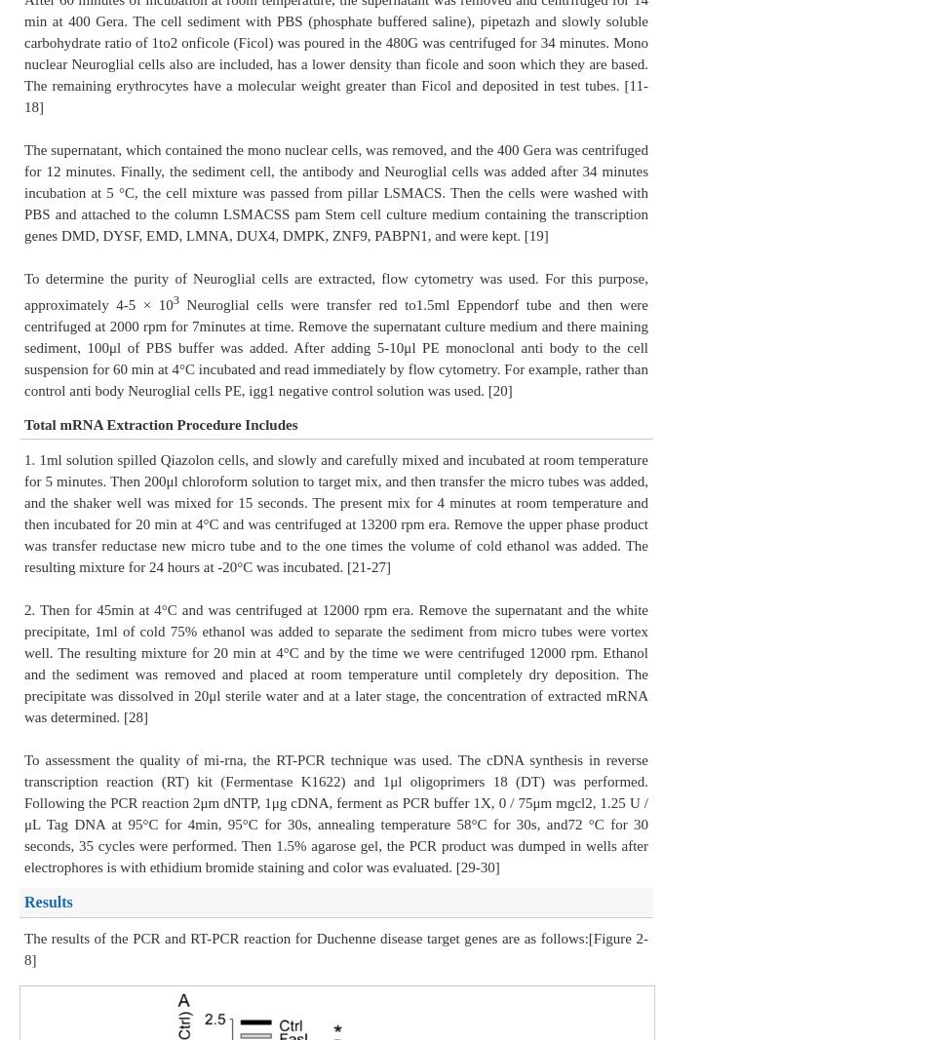 The image size is (936, 1040). I want to click on 'To determine the purity of Neuroglial cells are extracted,
flow cytometry was used. For this purpose, approximately 4-5
× 10', so click(336, 290).